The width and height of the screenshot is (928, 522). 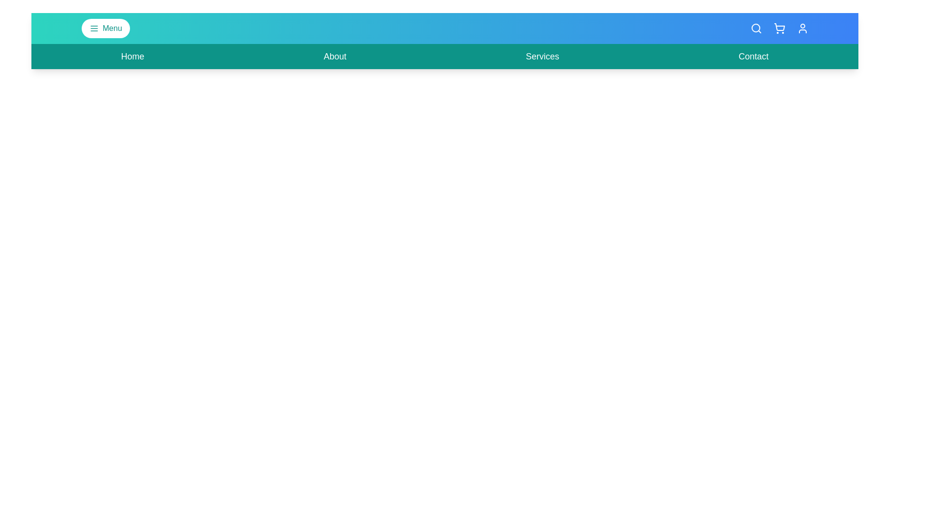 What do you see at coordinates (105, 28) in the screenshot?
I see `the 'Menu' button to toggle the menu visibility` at bounding box center [105, 28].